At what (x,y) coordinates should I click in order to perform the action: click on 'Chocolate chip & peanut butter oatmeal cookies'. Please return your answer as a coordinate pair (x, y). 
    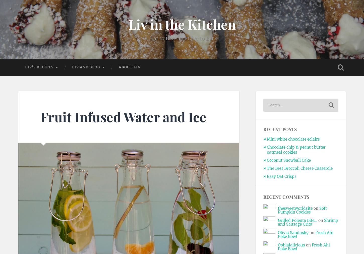
    Looking at the image, I should click on (295, 149).